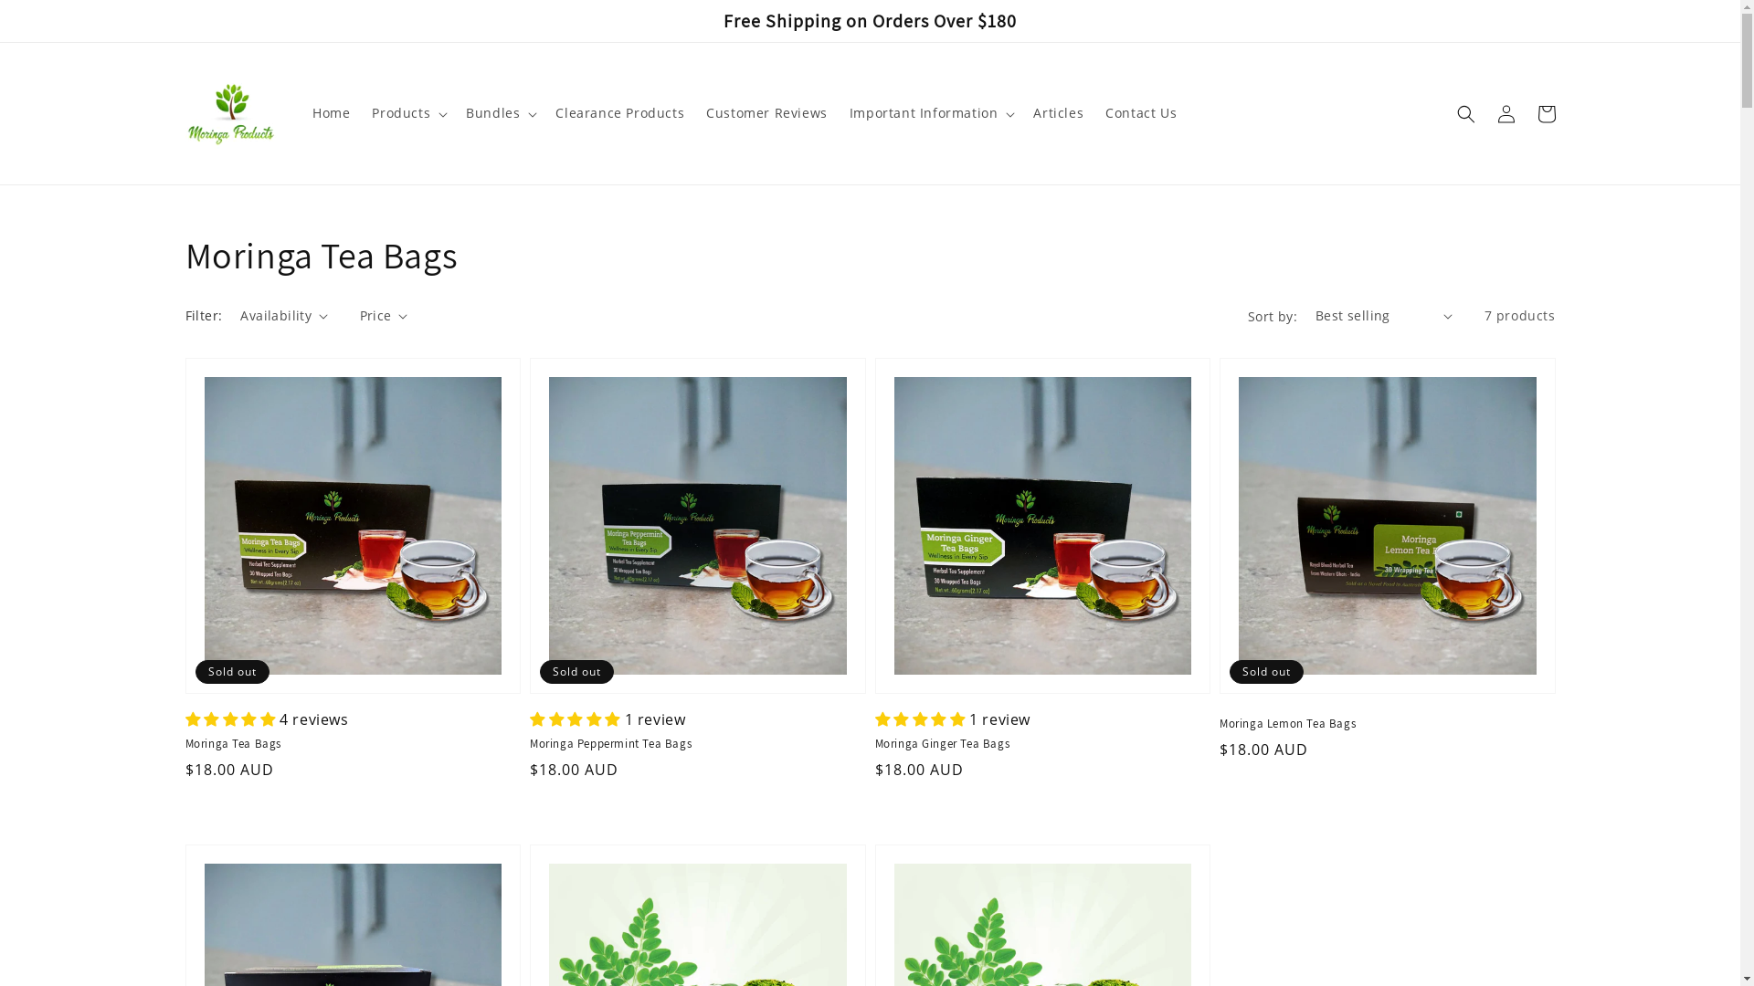  What do you see at coordinates (694, 112) in the screenshot?
I see `'Customer Reviews'` at bounding box center [694, 112].